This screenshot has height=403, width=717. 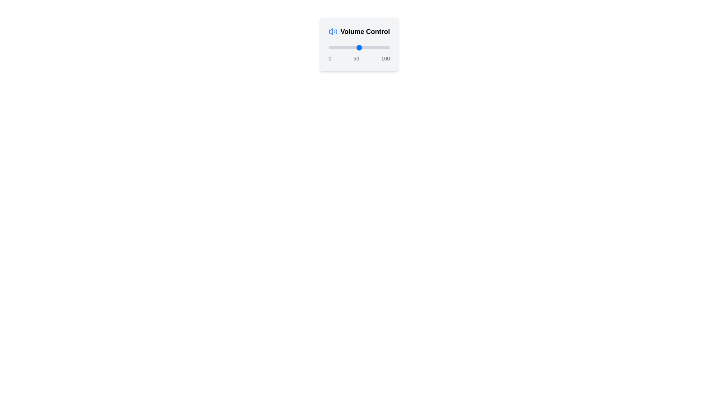 What do you see at coordinates (362, 47) in the screenshot?
I see `the volume` at bounding box center [362, 47].